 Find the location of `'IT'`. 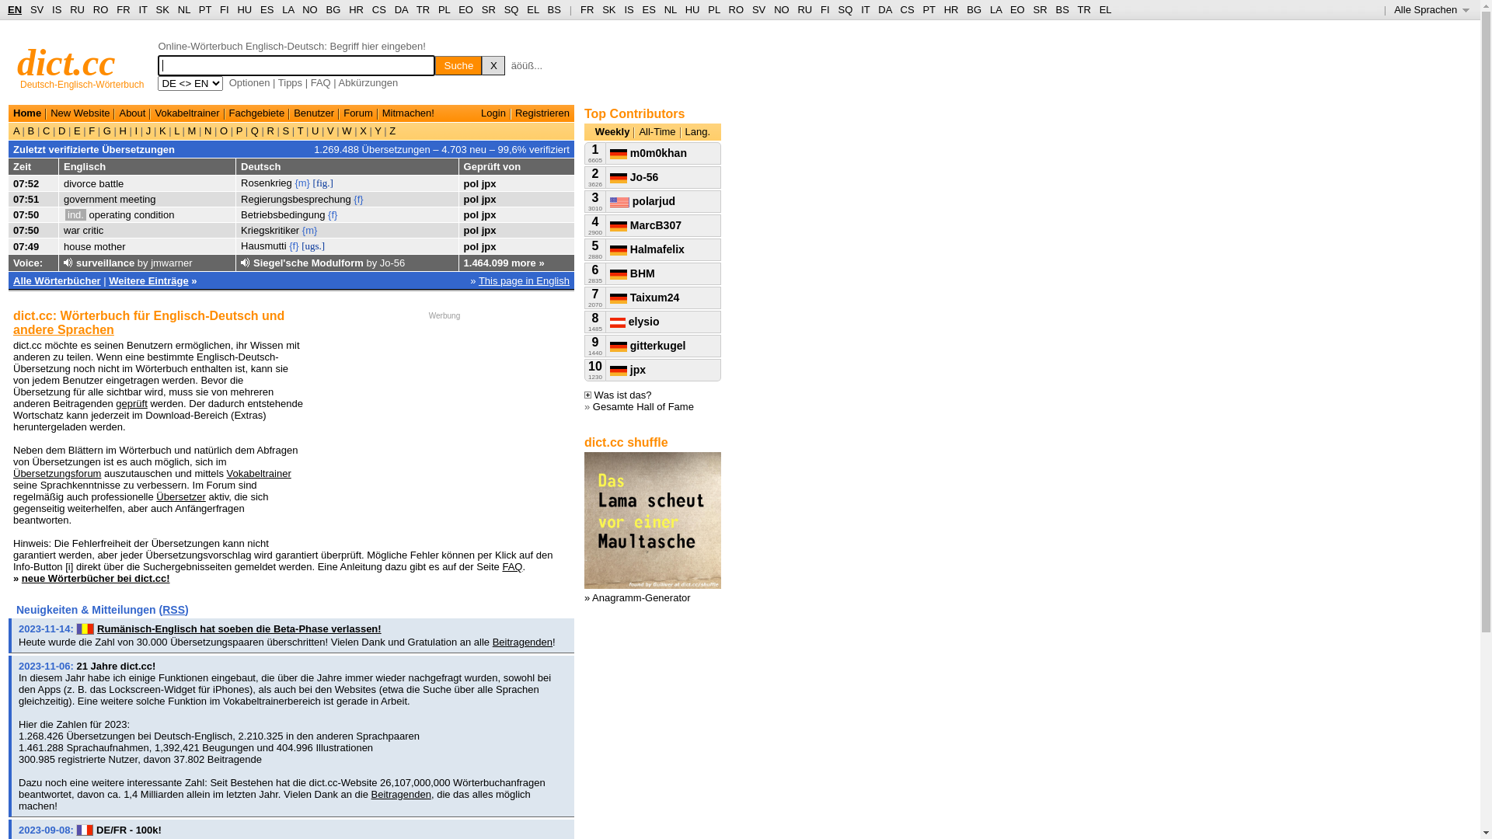

'IT' is located at coordinates (864, 9).